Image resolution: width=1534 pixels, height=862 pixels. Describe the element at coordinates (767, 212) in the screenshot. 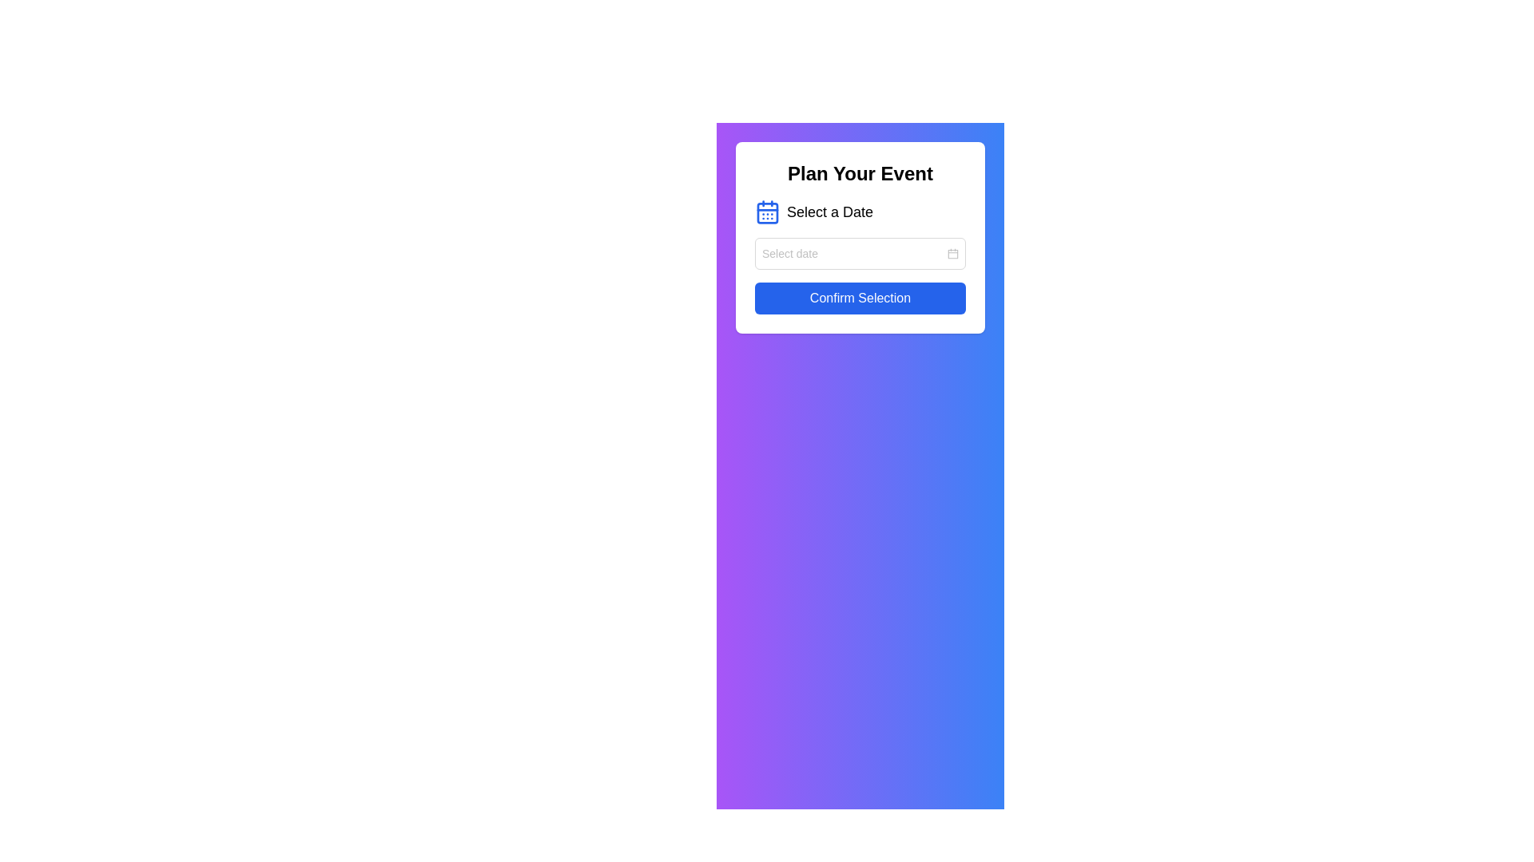

I see `the date selection icon located at the far left of the card, adjacent to the 'Select a Date' text` at that location.